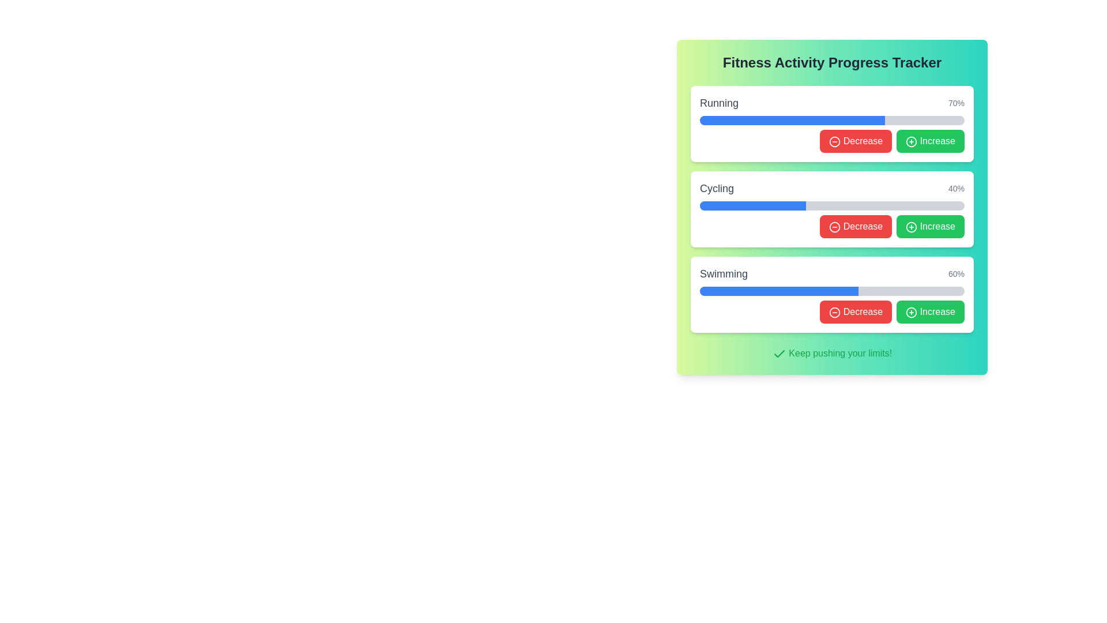 This screenshot has height=623, width=1107. Describe the element at coordinates (835, 312) in the screenshot. I see `the red circular icon containing a minus symbol` at that location.